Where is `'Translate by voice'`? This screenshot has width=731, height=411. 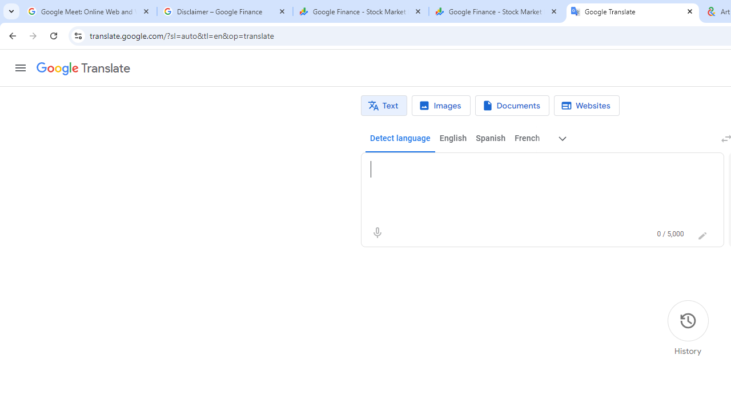
'Translate by voice' is located at coordinates (377, 232).